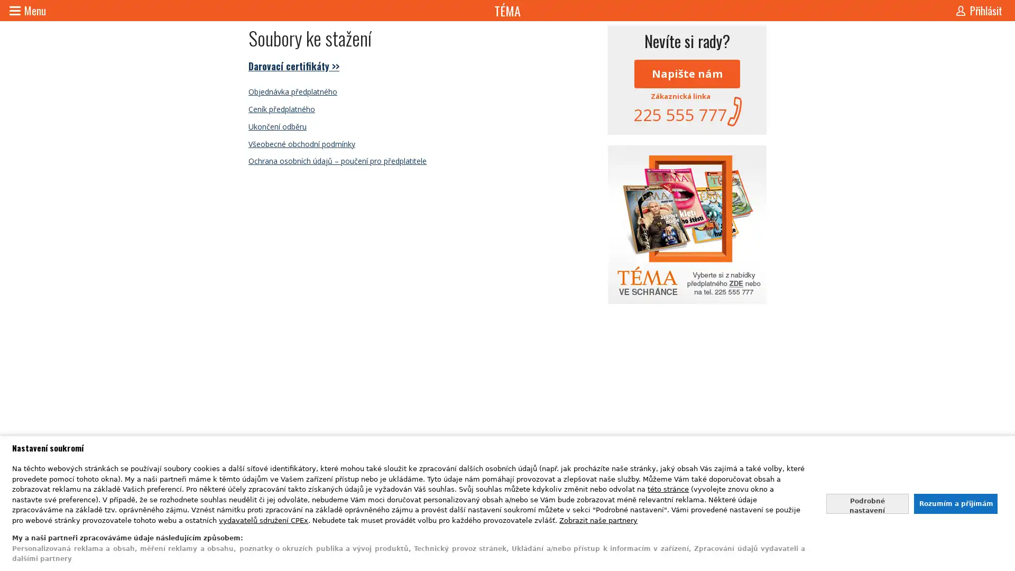  What do you see at coordinates (598, 519) in the screenshot?
I see `Zobrazit nase partnery` at bounding box center [598, 519].